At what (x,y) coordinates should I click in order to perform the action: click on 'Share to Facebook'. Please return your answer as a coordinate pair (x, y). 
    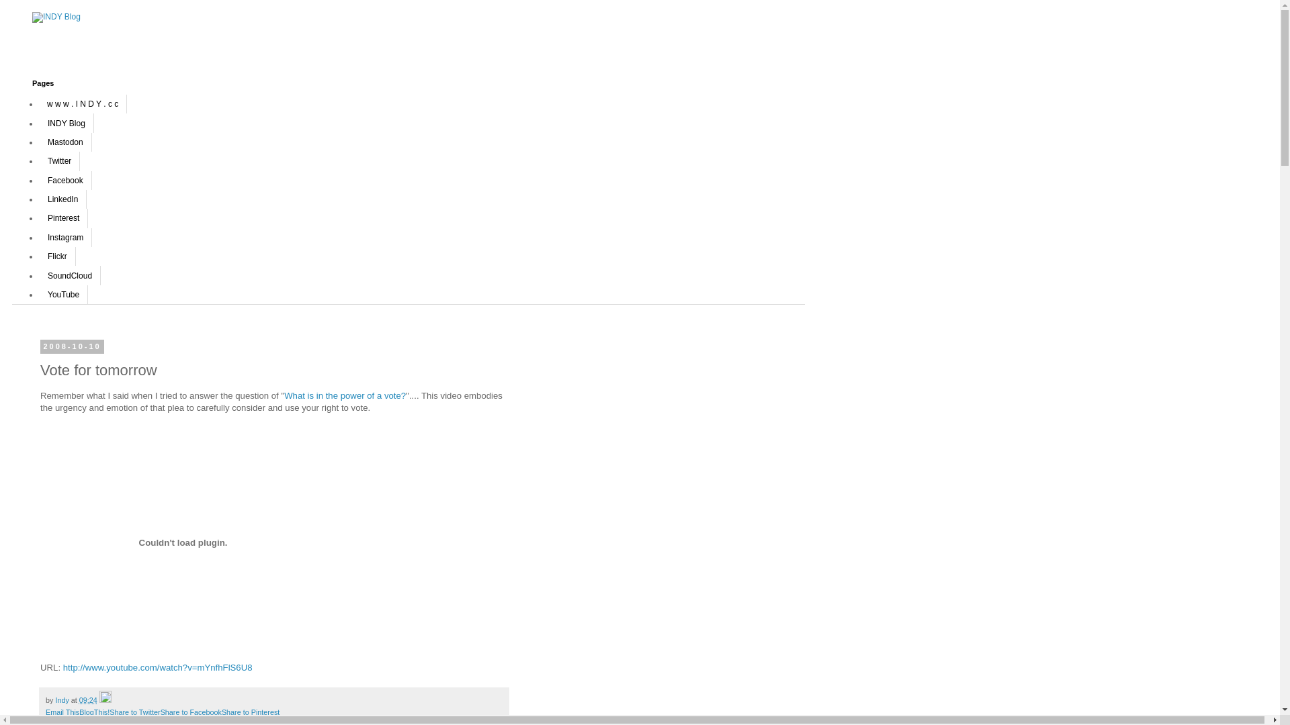
    Looking at the image, I should click on (161, 711).